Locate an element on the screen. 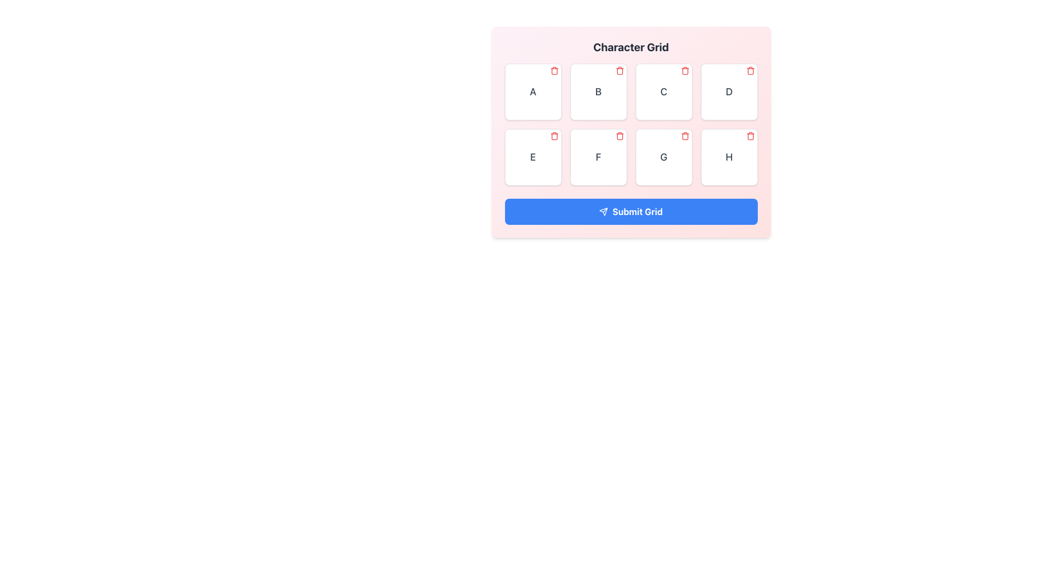 The width and height of the screenshot is (1046, 588). the 'Submit Grid' text label, which is displayed in white font on a blue rectangular button at the center-bottom of the interface is located at coordinates (637, 212).